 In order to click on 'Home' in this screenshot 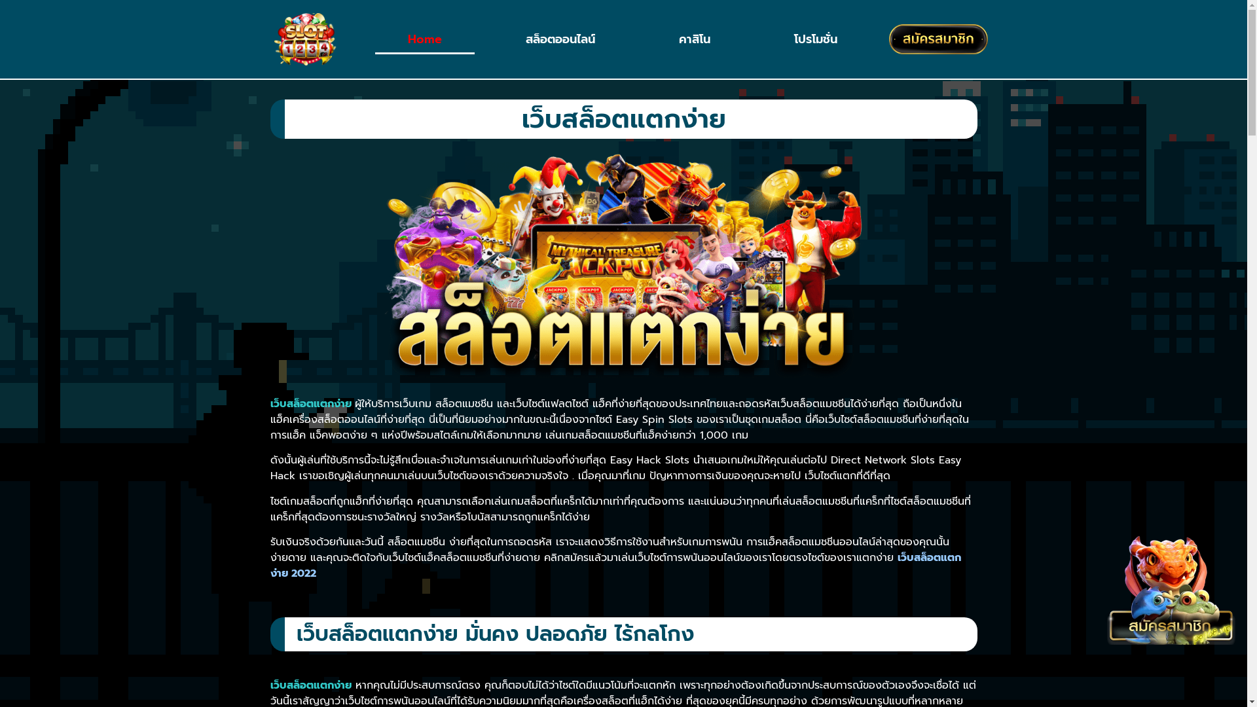, I will do `click(424, 39)`.